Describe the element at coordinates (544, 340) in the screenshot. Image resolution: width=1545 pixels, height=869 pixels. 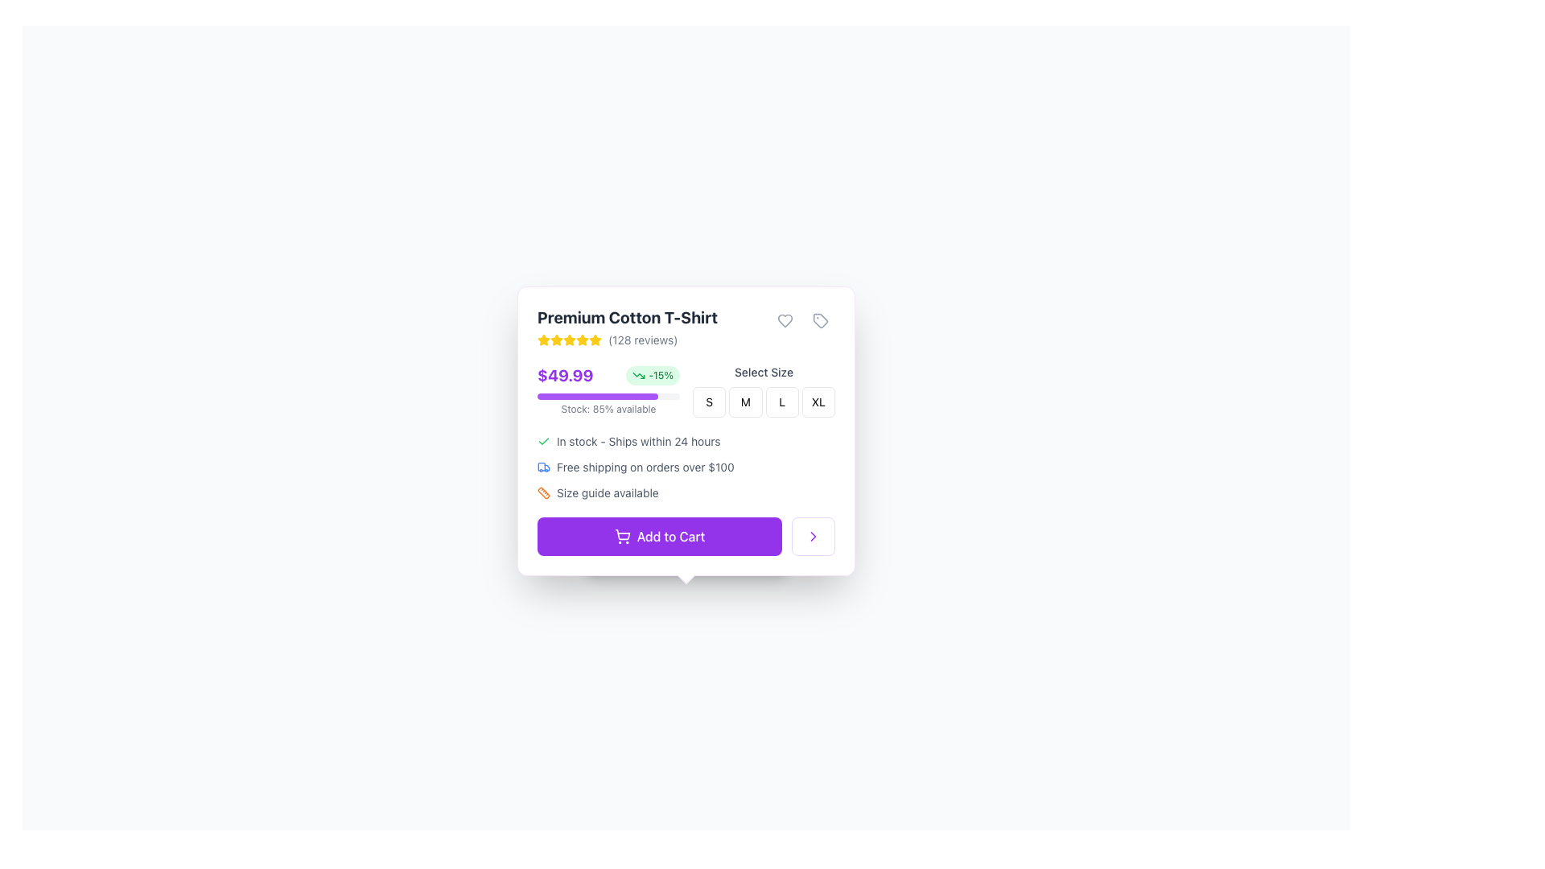
I see `the second star icon in the horizontal row of five stars, which represents a rating system, located below the product title and beside the review count text` at that location.